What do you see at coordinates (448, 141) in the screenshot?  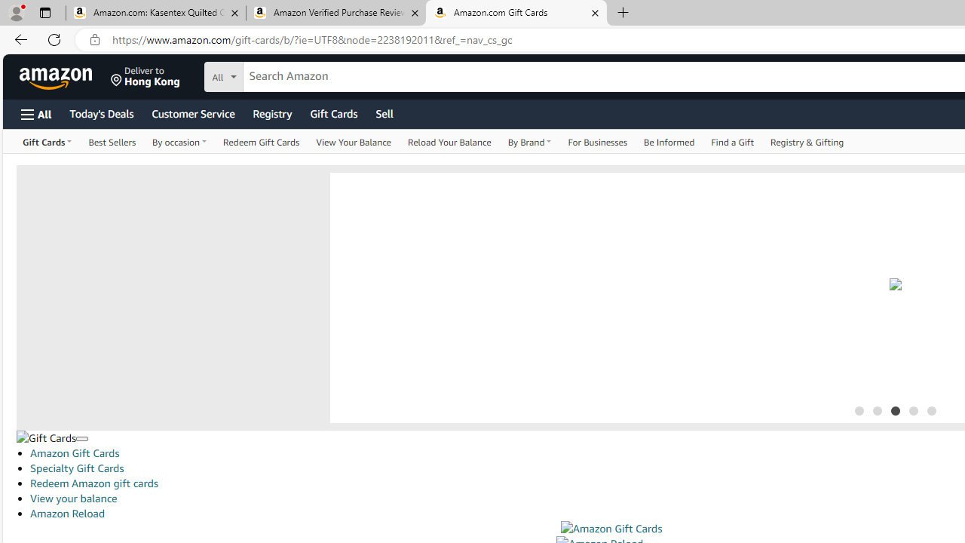 I see `'Reload Your Balance'` at bounding box center [448, 141].